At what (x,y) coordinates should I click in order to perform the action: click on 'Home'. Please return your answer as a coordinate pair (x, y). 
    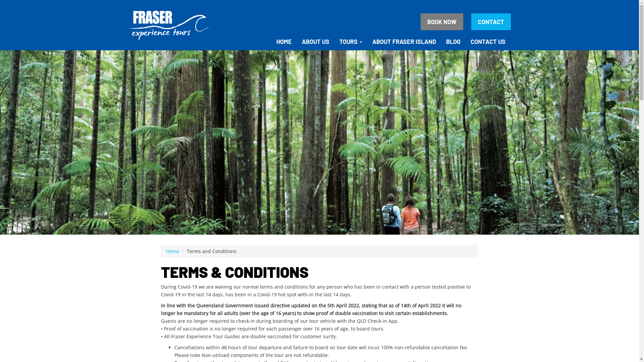
    Looking at the image, I should click on (172, 251).